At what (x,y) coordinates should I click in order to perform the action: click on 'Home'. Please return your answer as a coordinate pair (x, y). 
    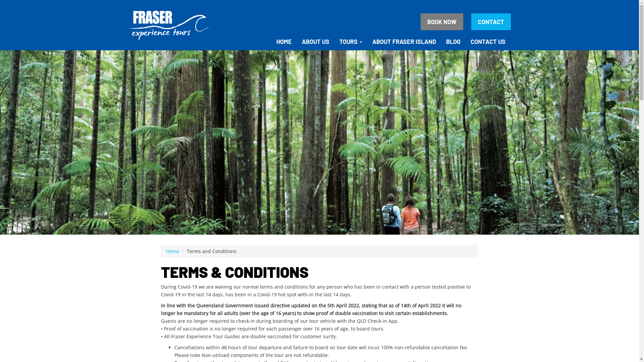
    Looking at the image, I should click on (172, 251).